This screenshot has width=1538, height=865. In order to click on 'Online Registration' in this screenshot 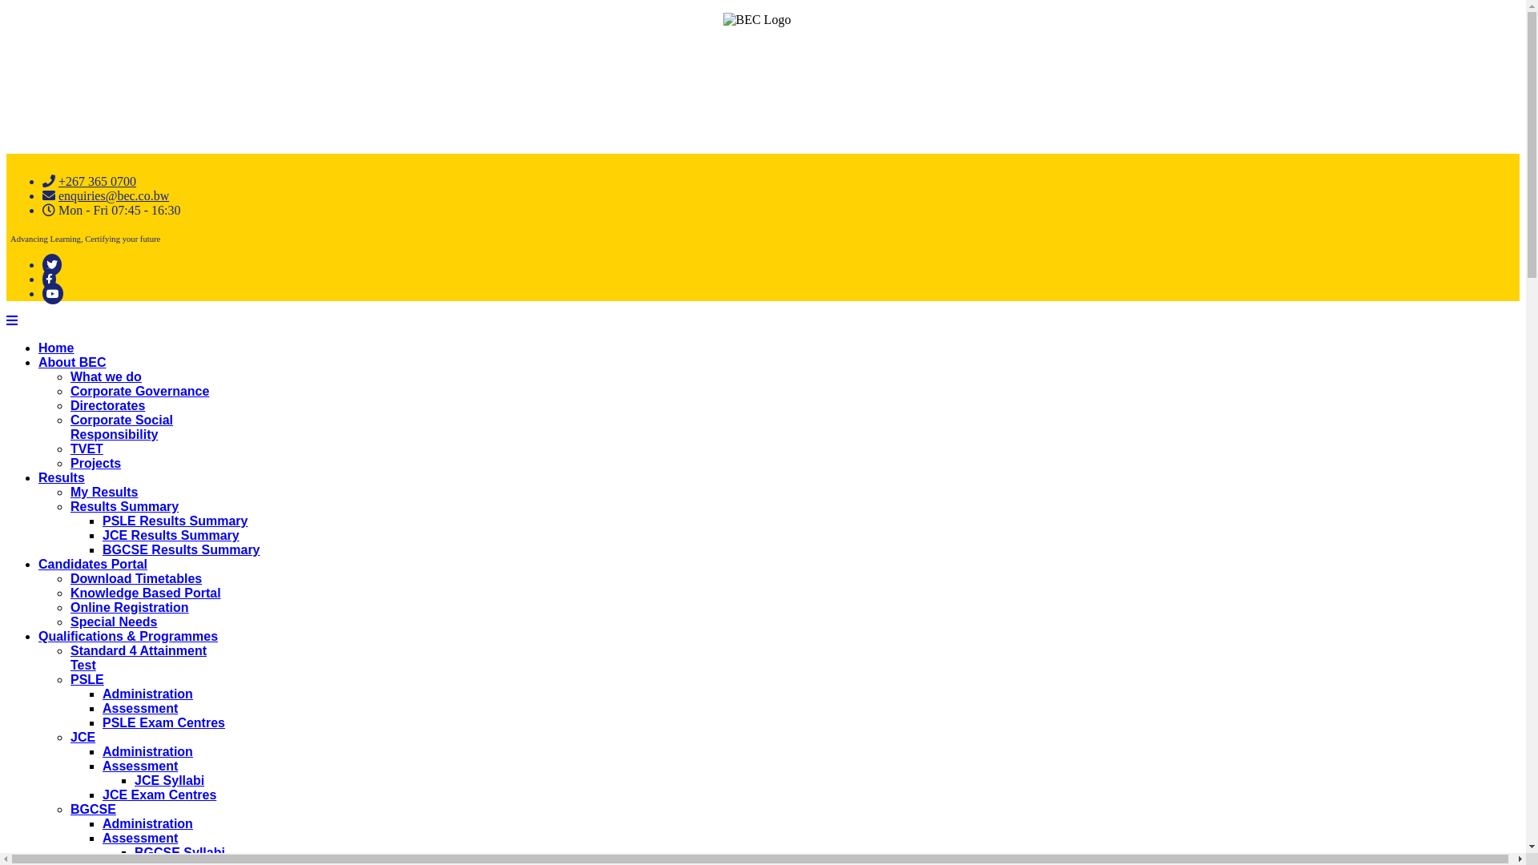, I will do `click(130, 607)`.